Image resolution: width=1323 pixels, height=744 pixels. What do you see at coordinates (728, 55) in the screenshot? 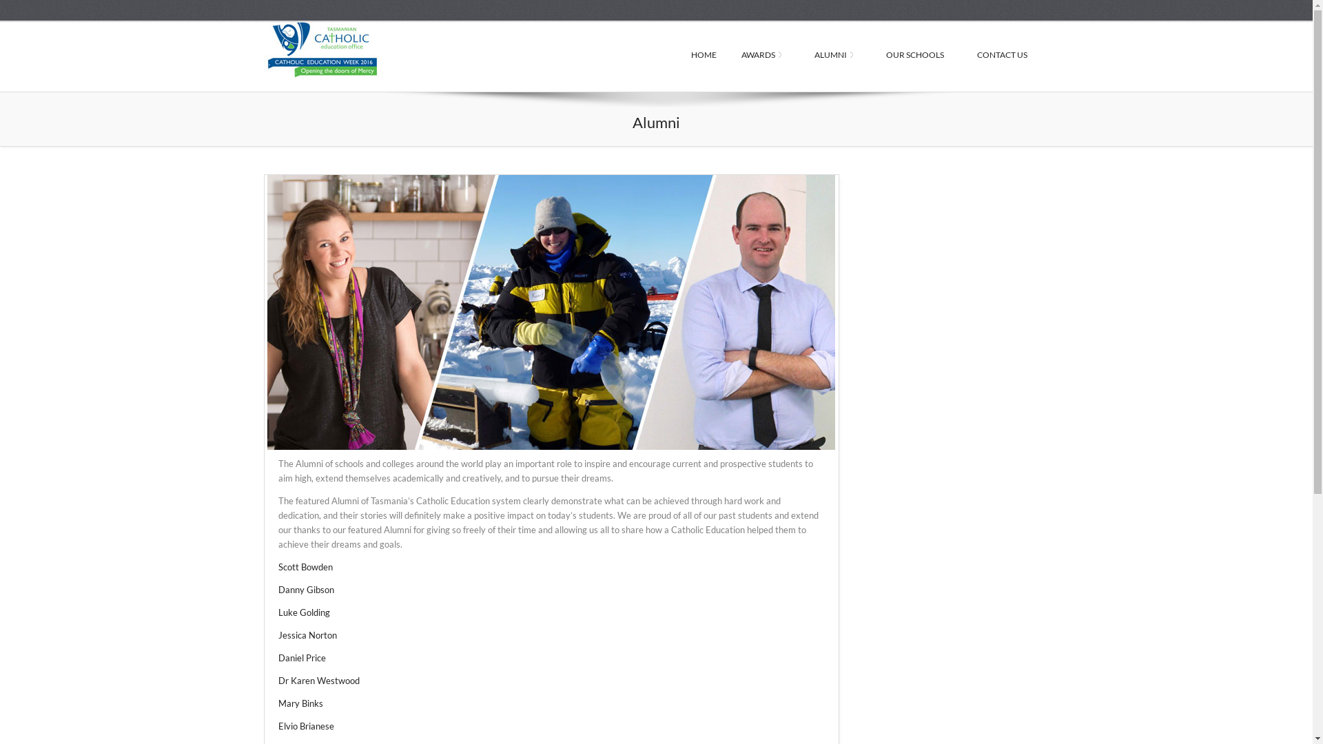
I see `'AWARDS '` at bounding box center [728, 55].